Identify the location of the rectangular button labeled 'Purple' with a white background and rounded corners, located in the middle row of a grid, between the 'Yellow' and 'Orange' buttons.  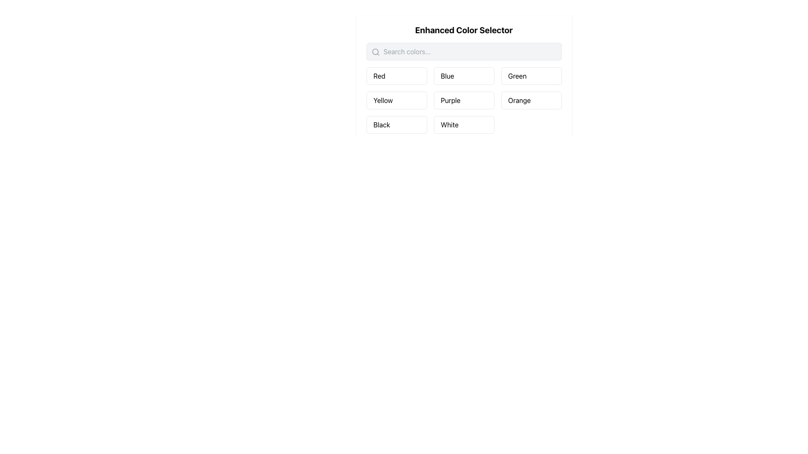
(463, 100).